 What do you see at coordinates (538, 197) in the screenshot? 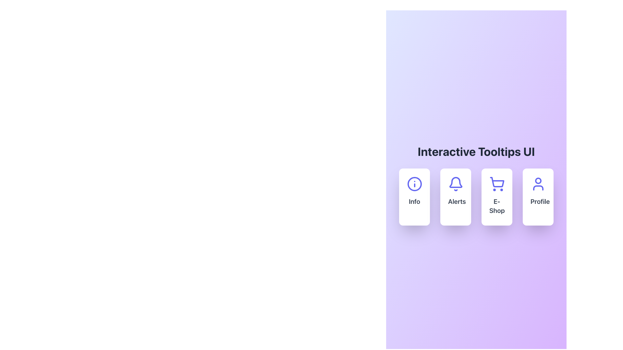
I see `the fourth card in the horizontal grid layout, which is used for navigating to a user profile or settings page` at bounding box center [538, 197].